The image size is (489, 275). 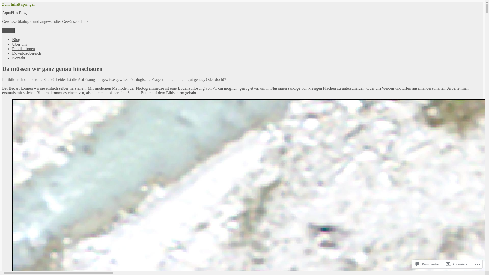 I want to click on 'Publikationen', so click(x=12, y=49).